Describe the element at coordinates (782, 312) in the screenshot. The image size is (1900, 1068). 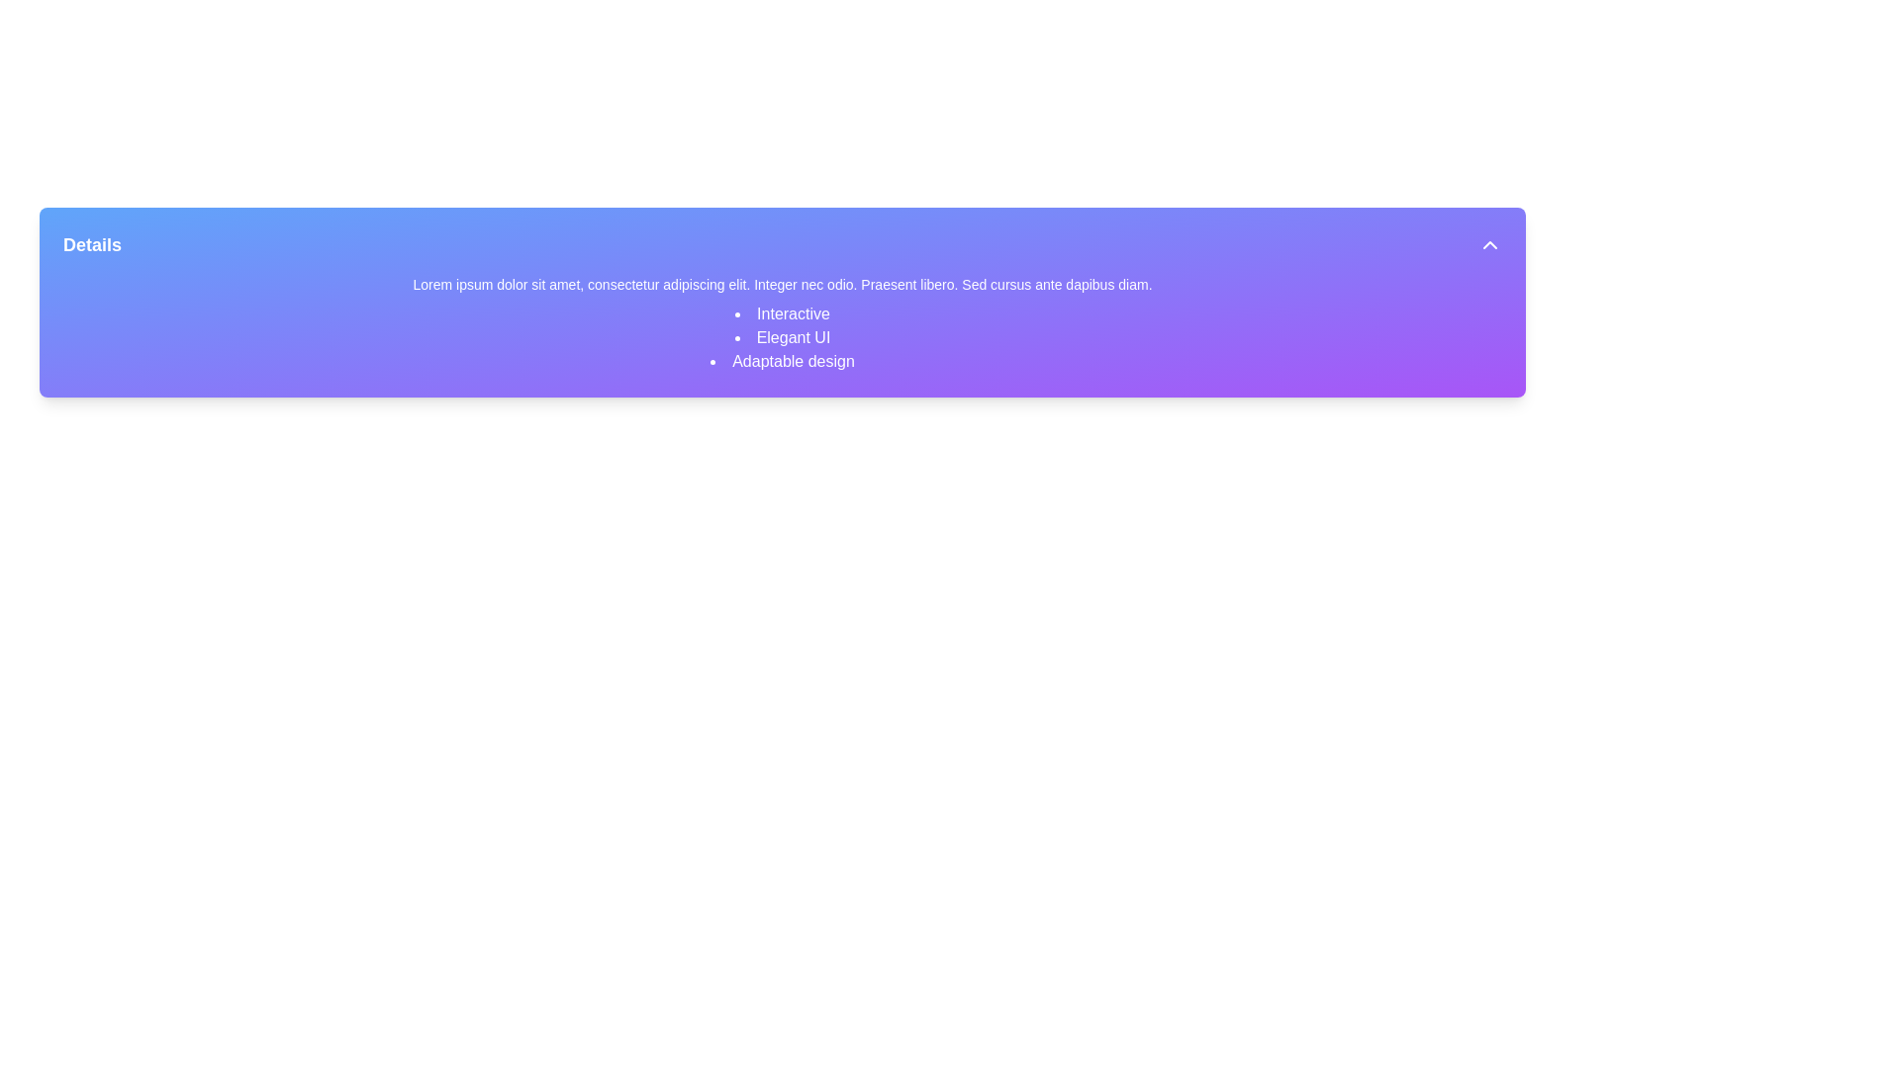
I see `the 'Interactive' text label, which is the first item in a bullet list styled with a white dot preceding it` at that location.